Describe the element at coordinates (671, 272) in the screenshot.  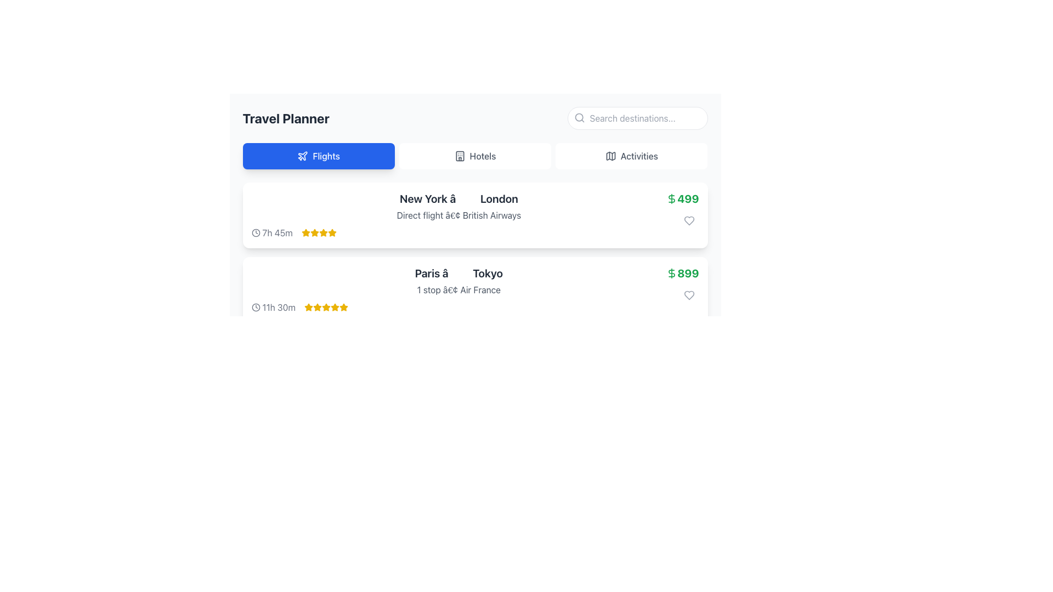
I see `the decorative indicator icon that signifies the monetary price of '899', located to the immediate left of the numeric value within a bold green text layout` at that location.